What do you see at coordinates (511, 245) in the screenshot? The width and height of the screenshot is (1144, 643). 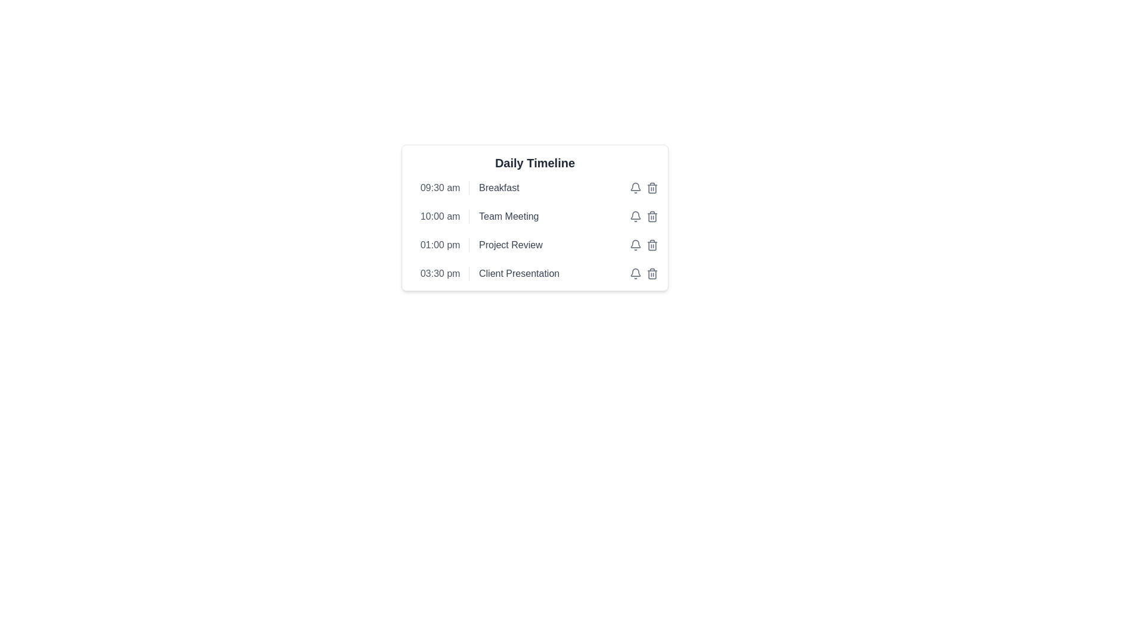 I see `the Text label in the 'Daily Timeline' list interface, which identifies the event scheduled at 01:00 pm, positioned to the right of the time and to the left of interactive icons` at bounding box center [511, 245].